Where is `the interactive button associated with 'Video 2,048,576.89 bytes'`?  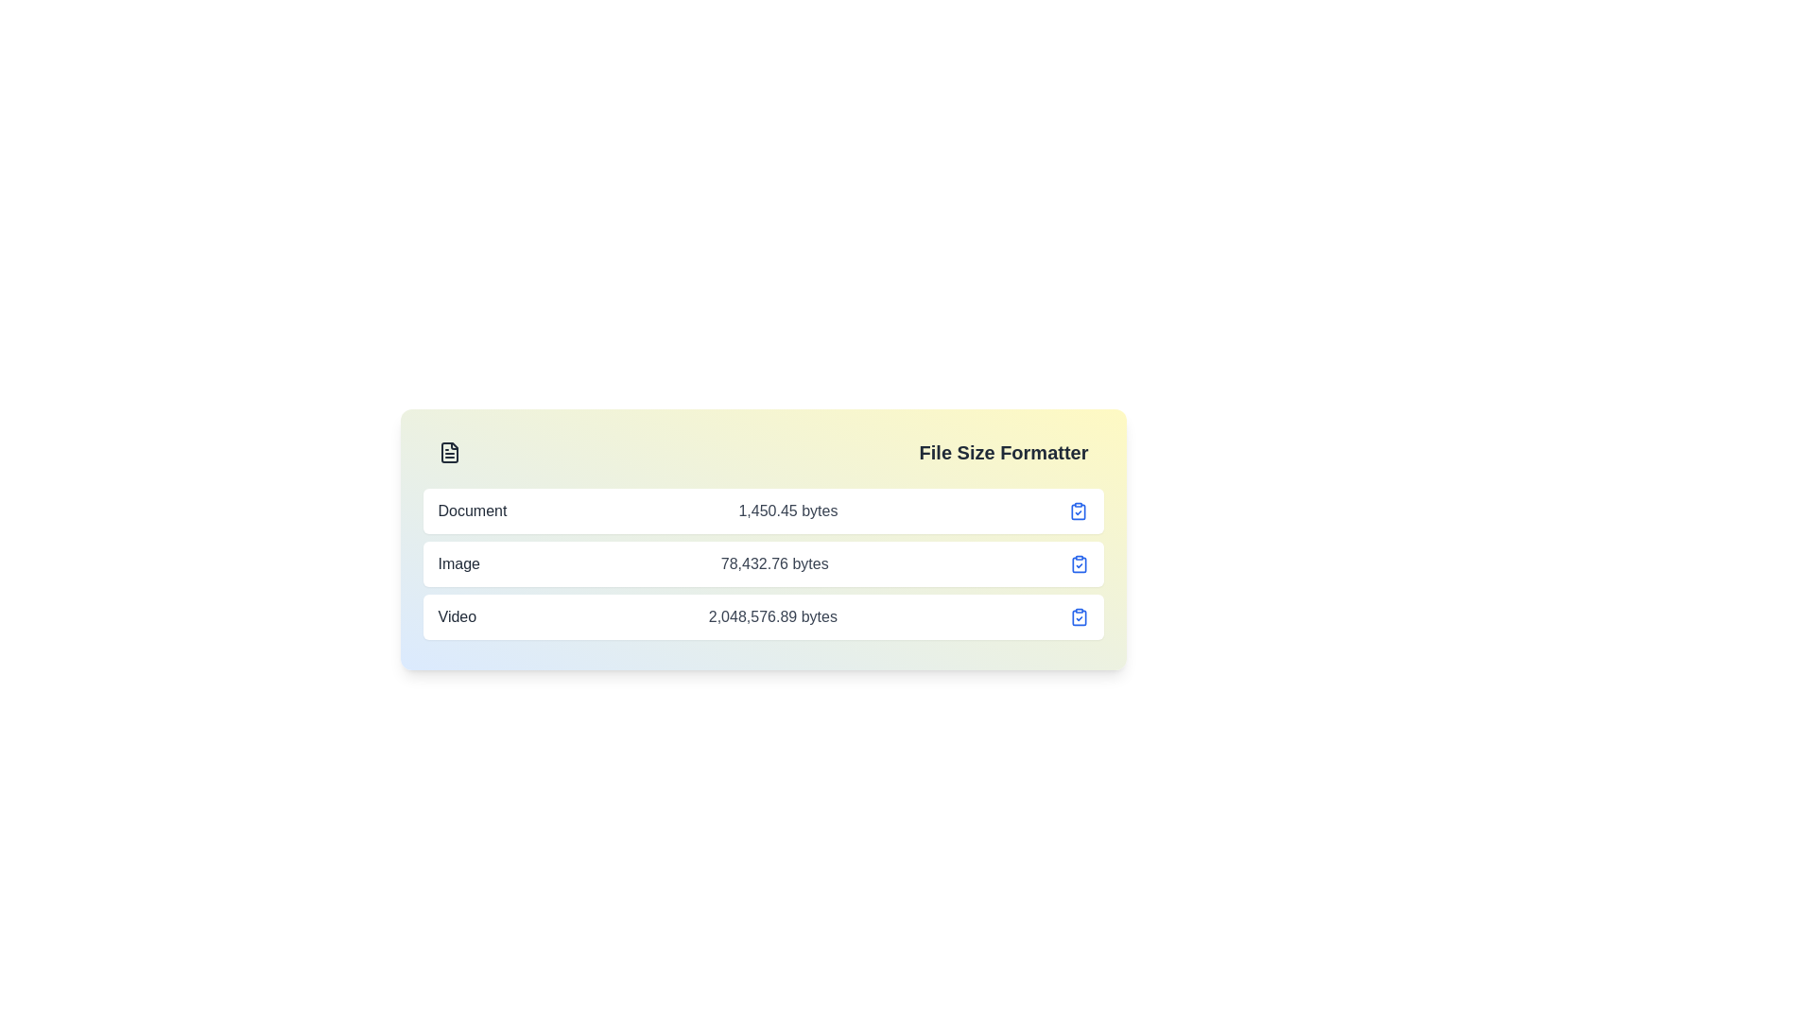
the interactive button associated with 'Video 2,048,576.89 bytes' is located at coordinates (1079, 616).